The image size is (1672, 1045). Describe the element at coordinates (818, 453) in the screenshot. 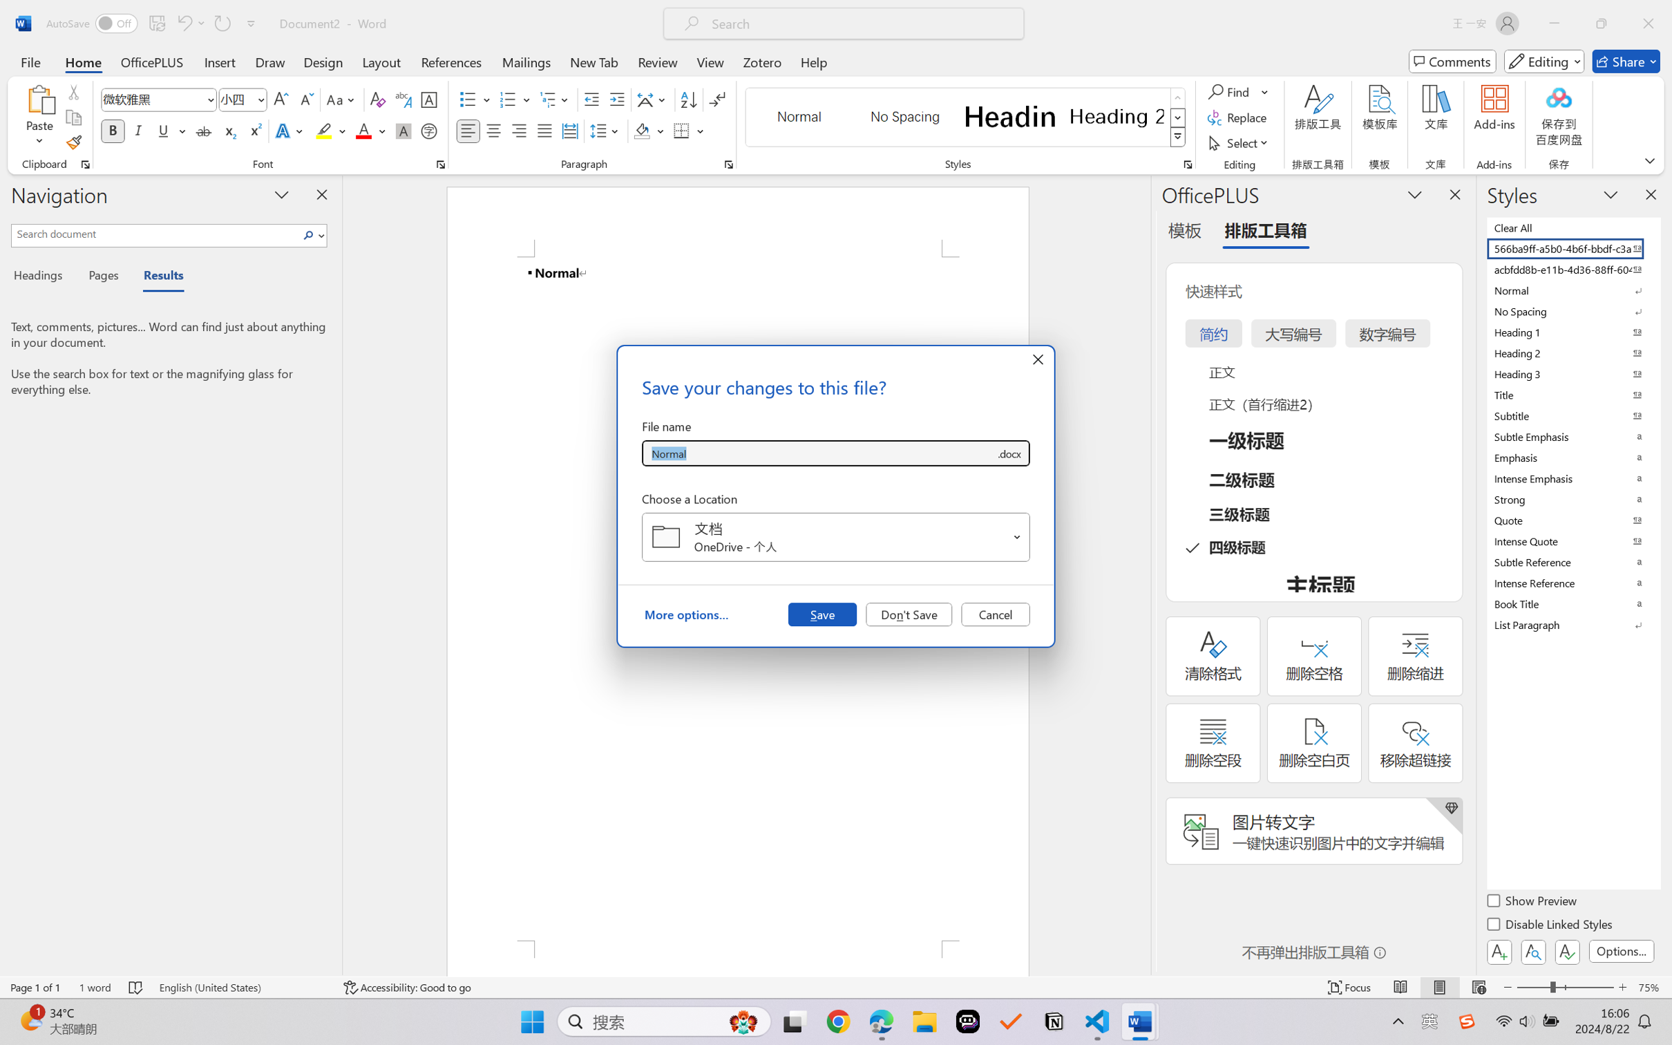

I see `'File name'` at that location.